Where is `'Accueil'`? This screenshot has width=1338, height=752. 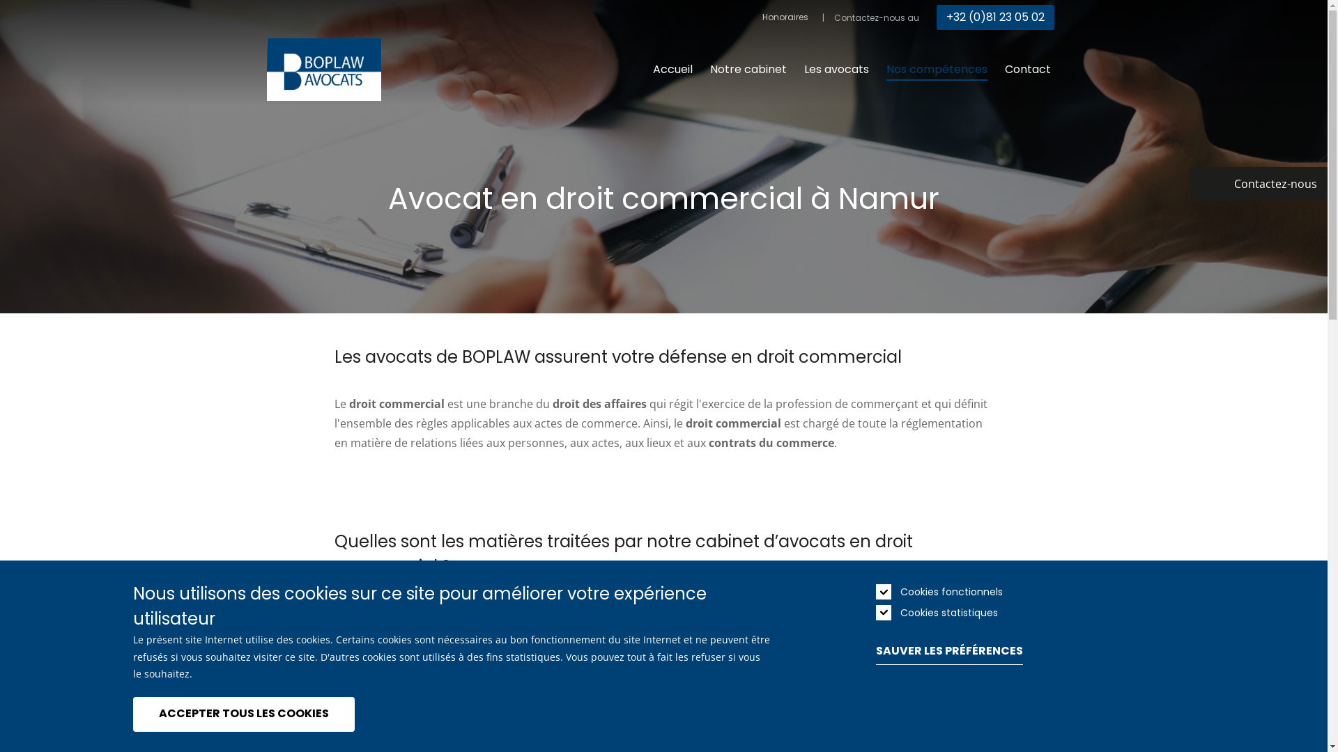 'Accueil' is located at coordinates (672, 70).